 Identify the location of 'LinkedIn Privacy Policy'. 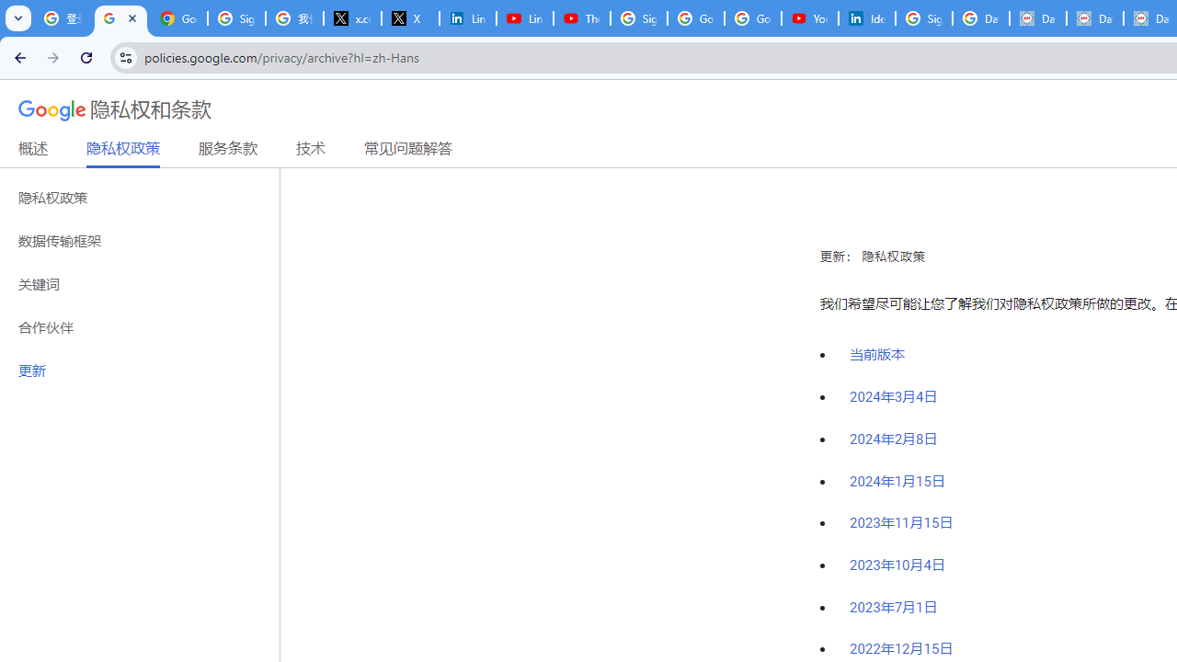
(467, 18).